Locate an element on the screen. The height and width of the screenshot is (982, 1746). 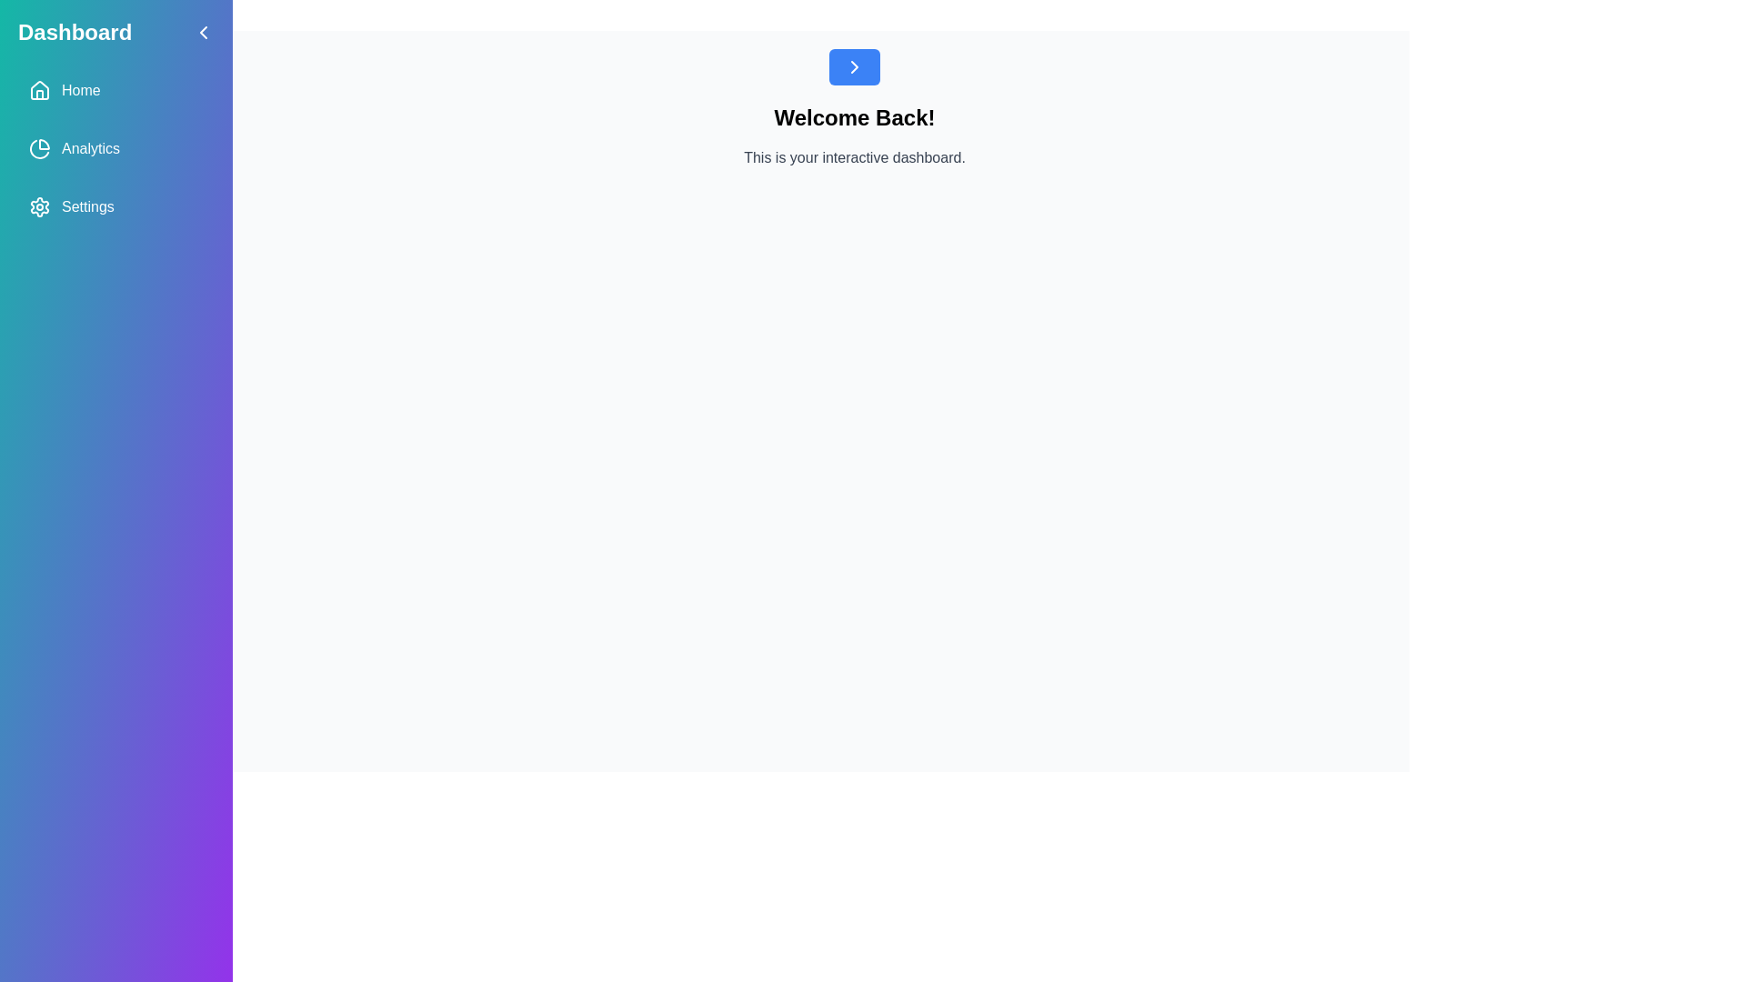
the menu item Home in the drawer is located at coordinates (115, 91).